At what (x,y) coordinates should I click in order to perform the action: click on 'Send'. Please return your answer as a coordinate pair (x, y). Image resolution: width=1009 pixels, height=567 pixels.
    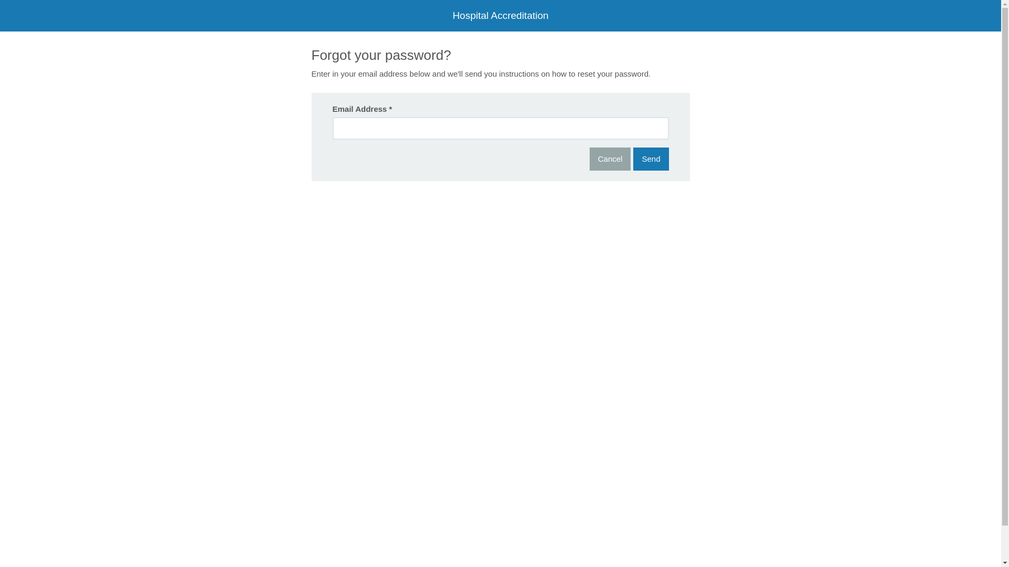
    Looking at the image, I should click on (650, 159).